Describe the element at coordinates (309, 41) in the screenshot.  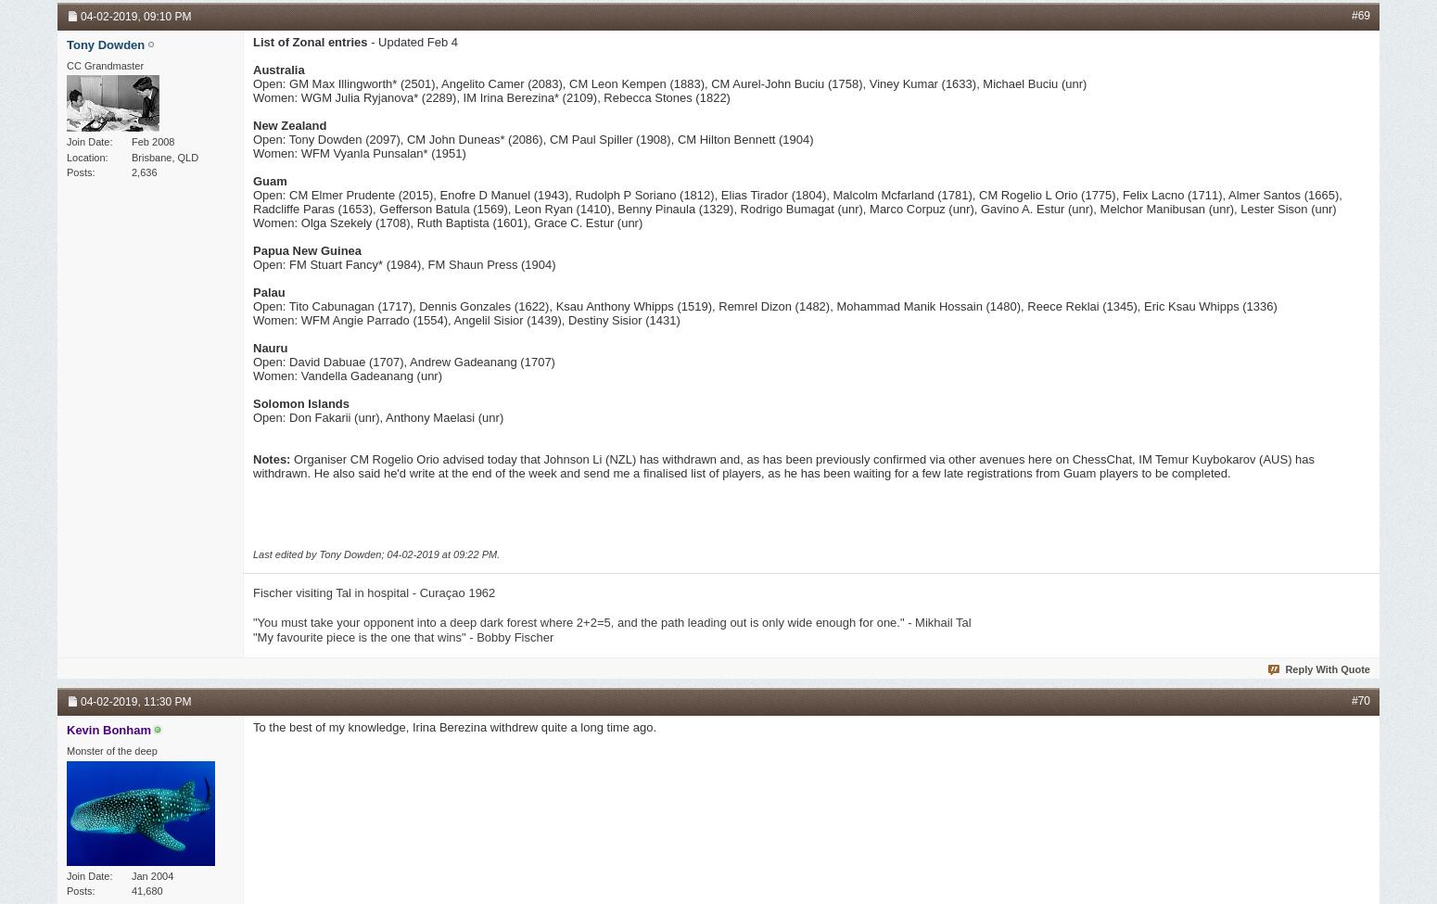
I see `'List of Zonal entries'` at that location.